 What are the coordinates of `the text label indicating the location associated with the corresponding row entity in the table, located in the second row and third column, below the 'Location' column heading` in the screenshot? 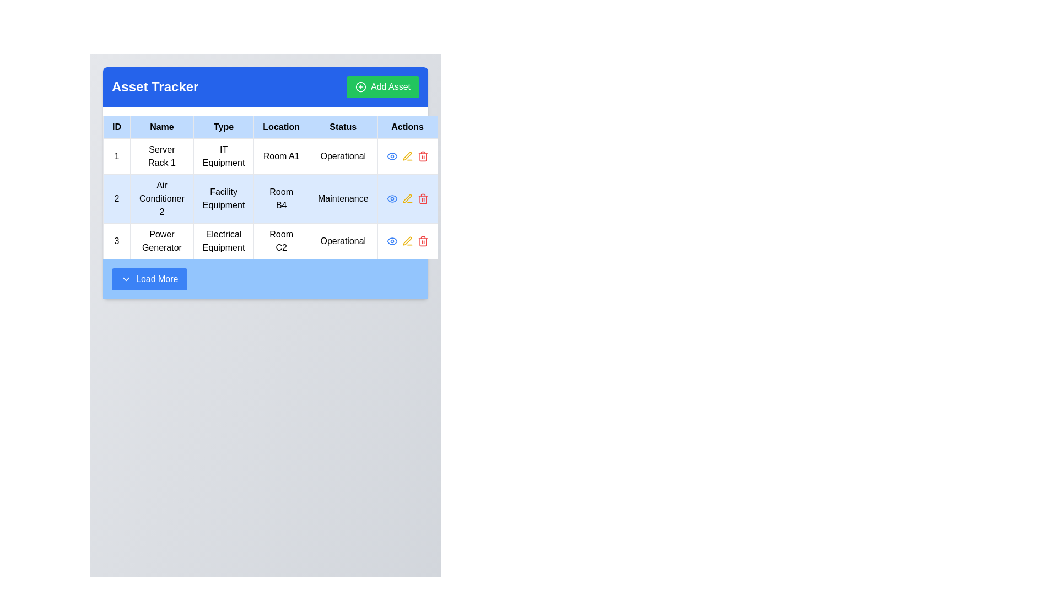 It's located at (281, 199).